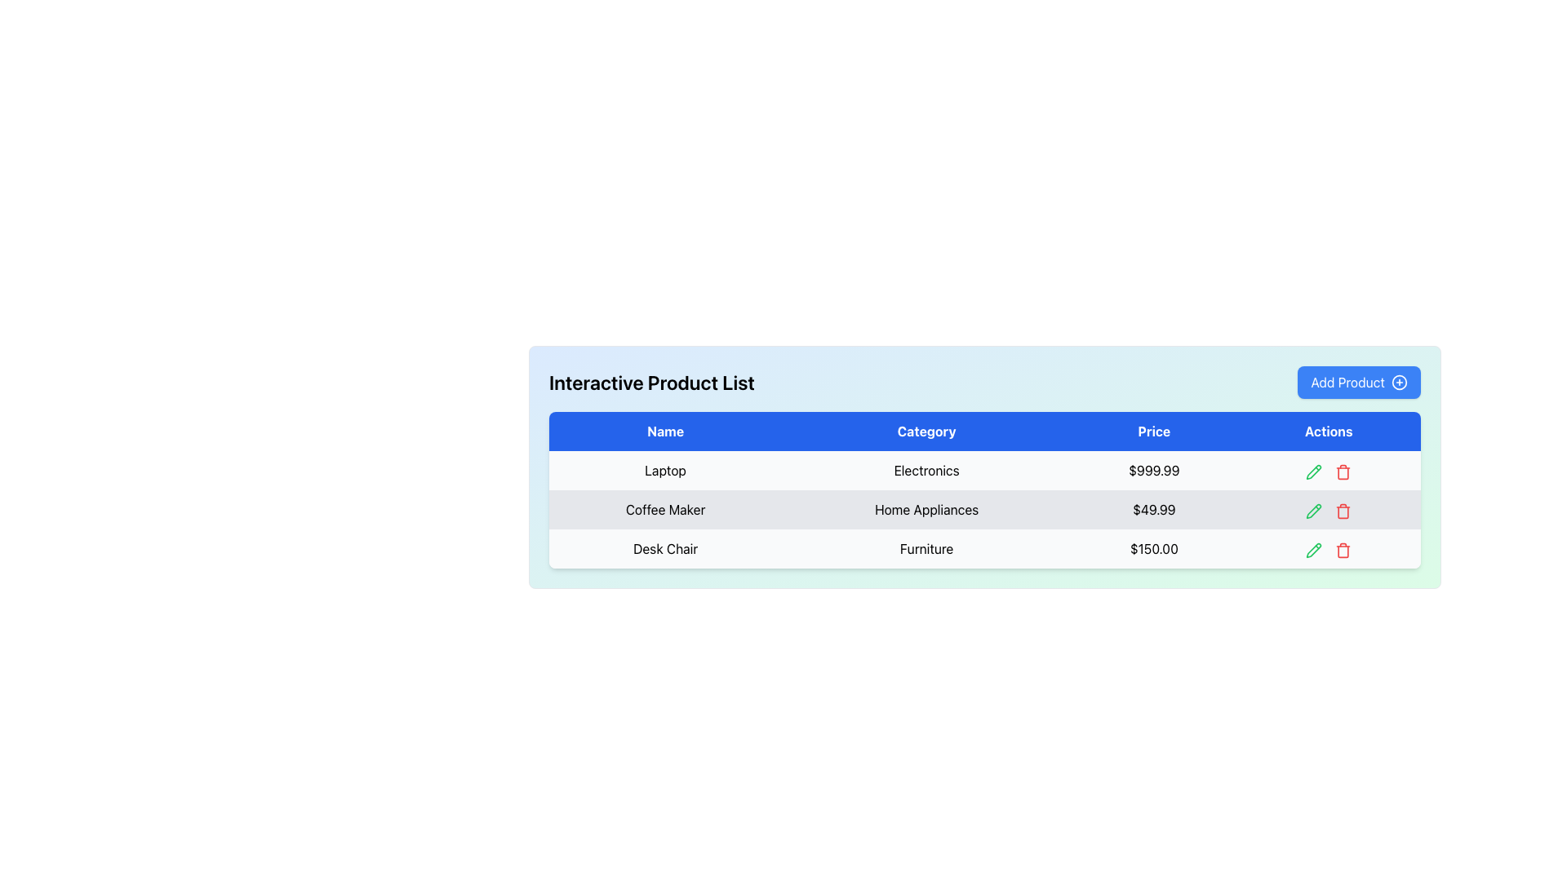 The image size is (1567, 881). I want to click on the green pencil icon representing an edit action in the 'Actions' column of the second row of the table for a tooltip, so click(1314, 508).